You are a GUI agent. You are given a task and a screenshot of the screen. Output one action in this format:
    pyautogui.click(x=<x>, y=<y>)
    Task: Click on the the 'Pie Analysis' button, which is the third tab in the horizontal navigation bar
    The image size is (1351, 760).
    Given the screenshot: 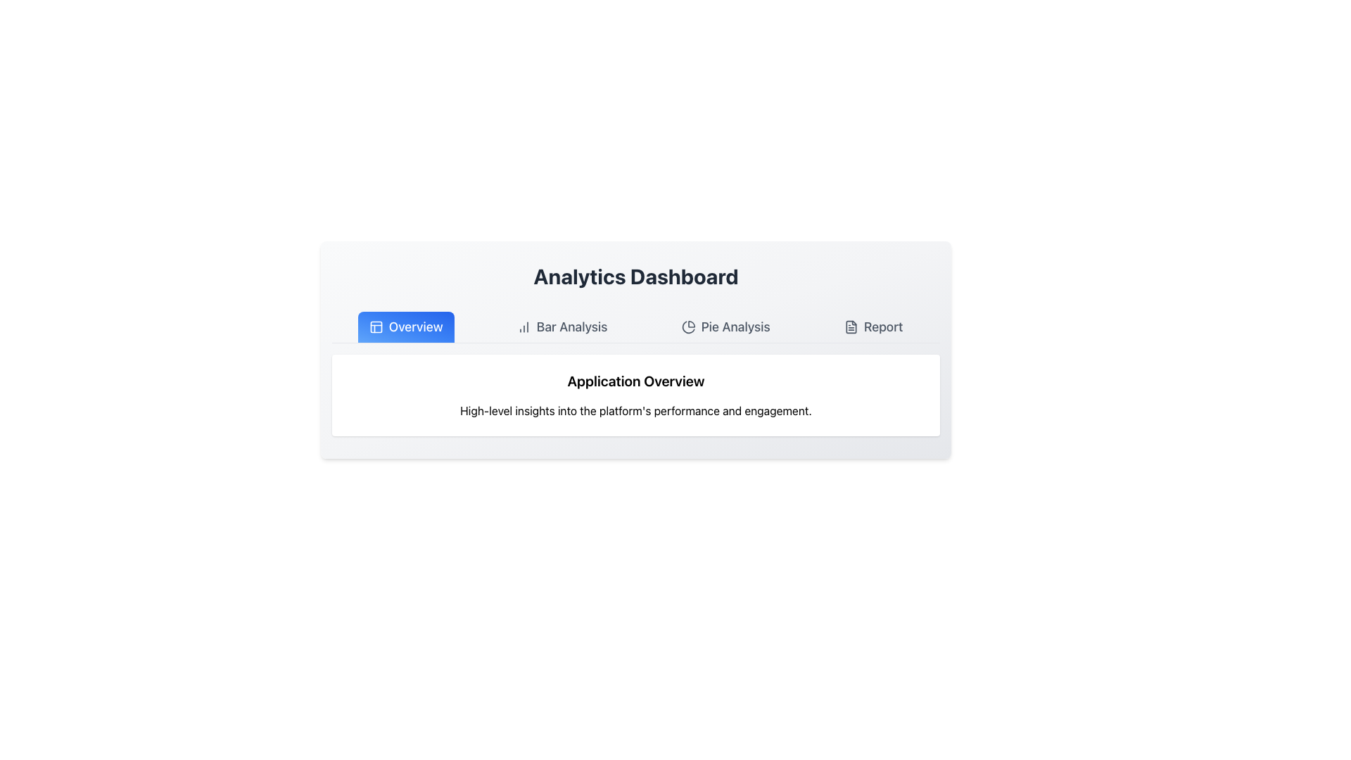 What is the action you would take?
    pyautogui.click(x=725, y=327)
    